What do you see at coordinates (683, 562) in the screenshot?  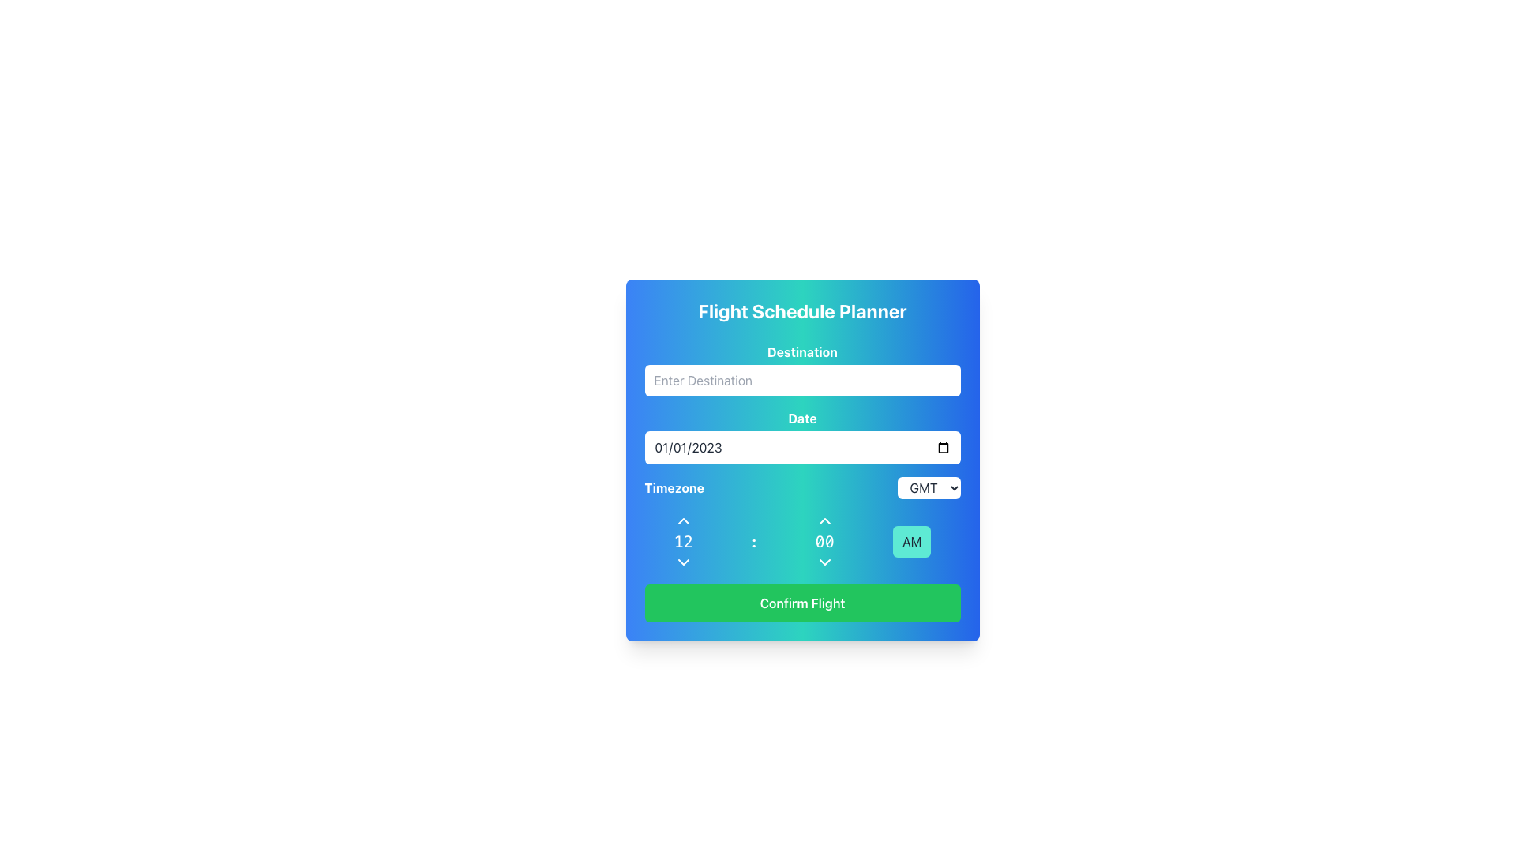 I see `the downward adjustment button for hour value in the time selector, which is located below the text '12'` at bounding box center [683, 562].